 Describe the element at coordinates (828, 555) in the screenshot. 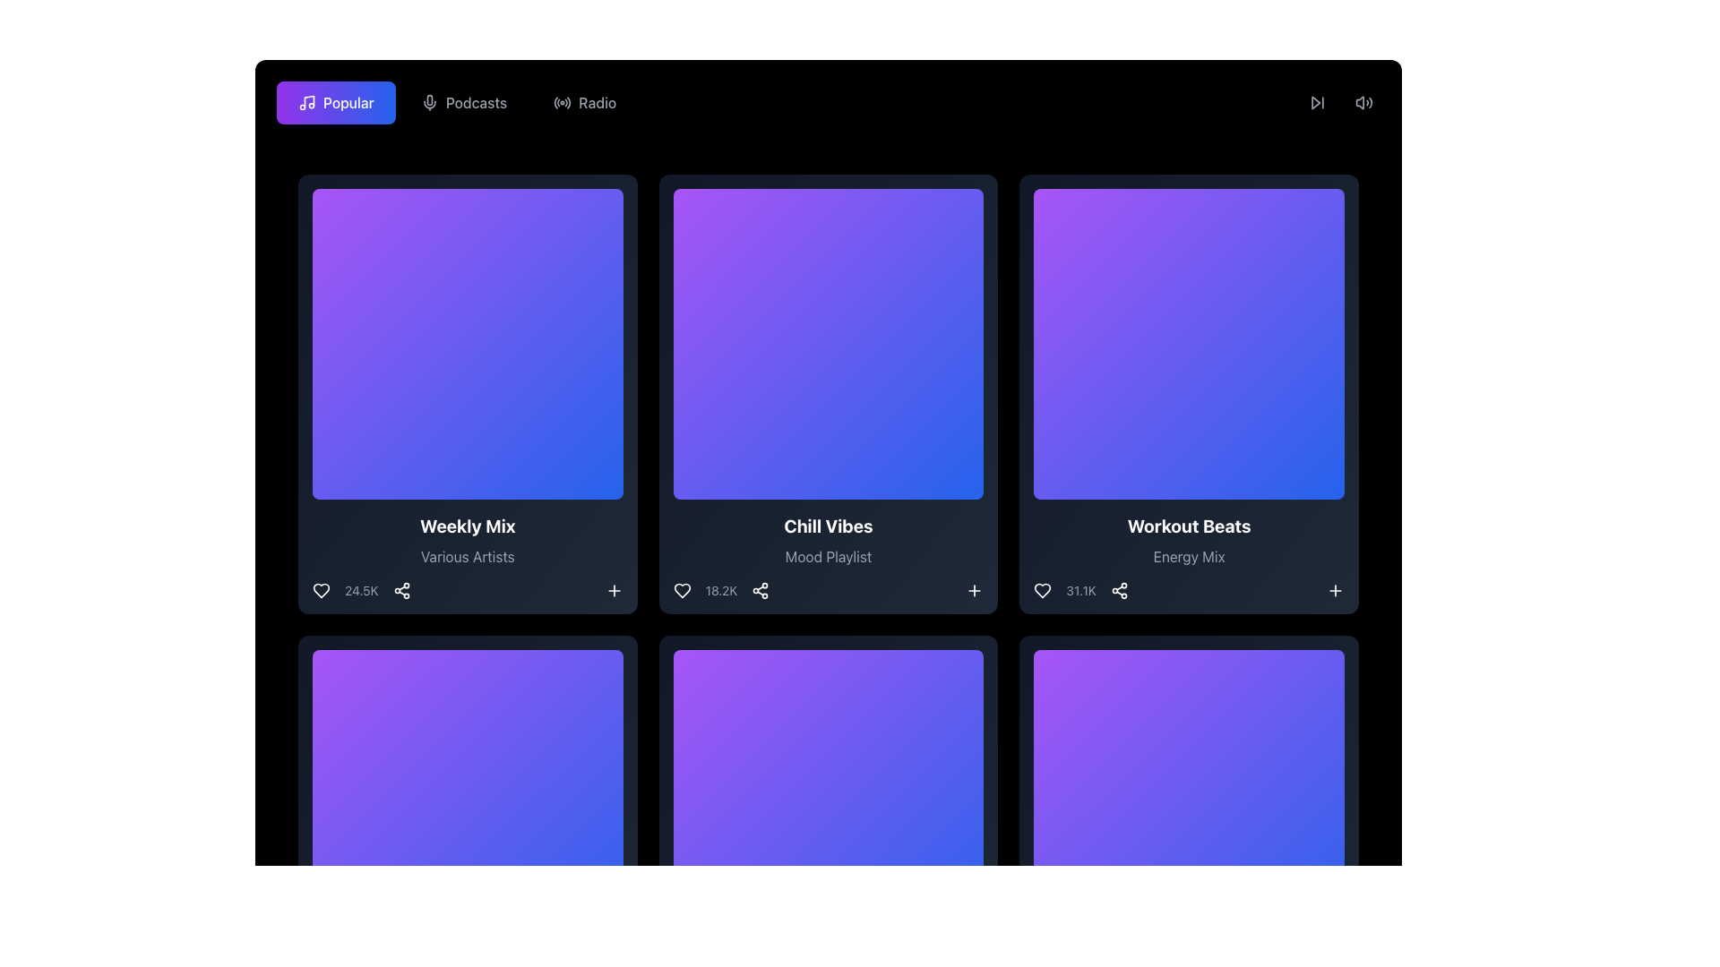

I see `the descriptive subtitle text label located below the 'Chill Vibes' title in the card component of the second column, which indicates the playlist's mood` at that location.